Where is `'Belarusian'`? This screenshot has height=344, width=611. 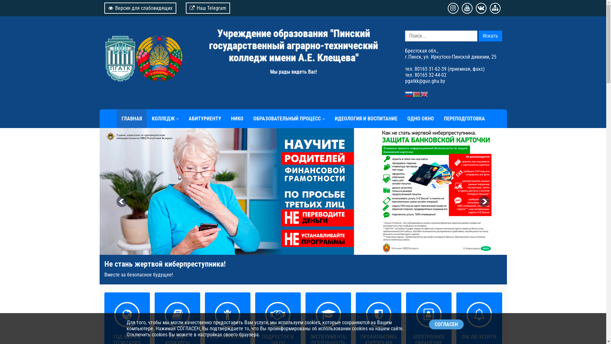 'Belarusian' is located at coordinates (416, 94).